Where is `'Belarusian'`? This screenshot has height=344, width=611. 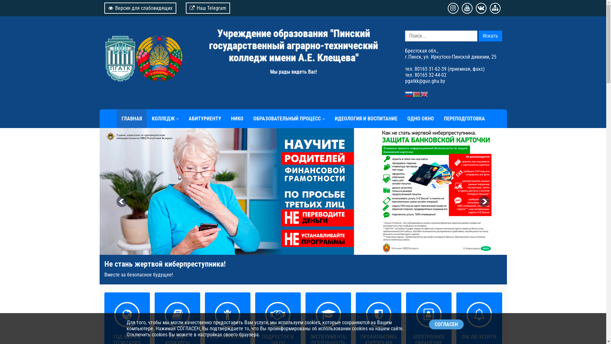 'Belarusian' is located at coordinates (416, 94).